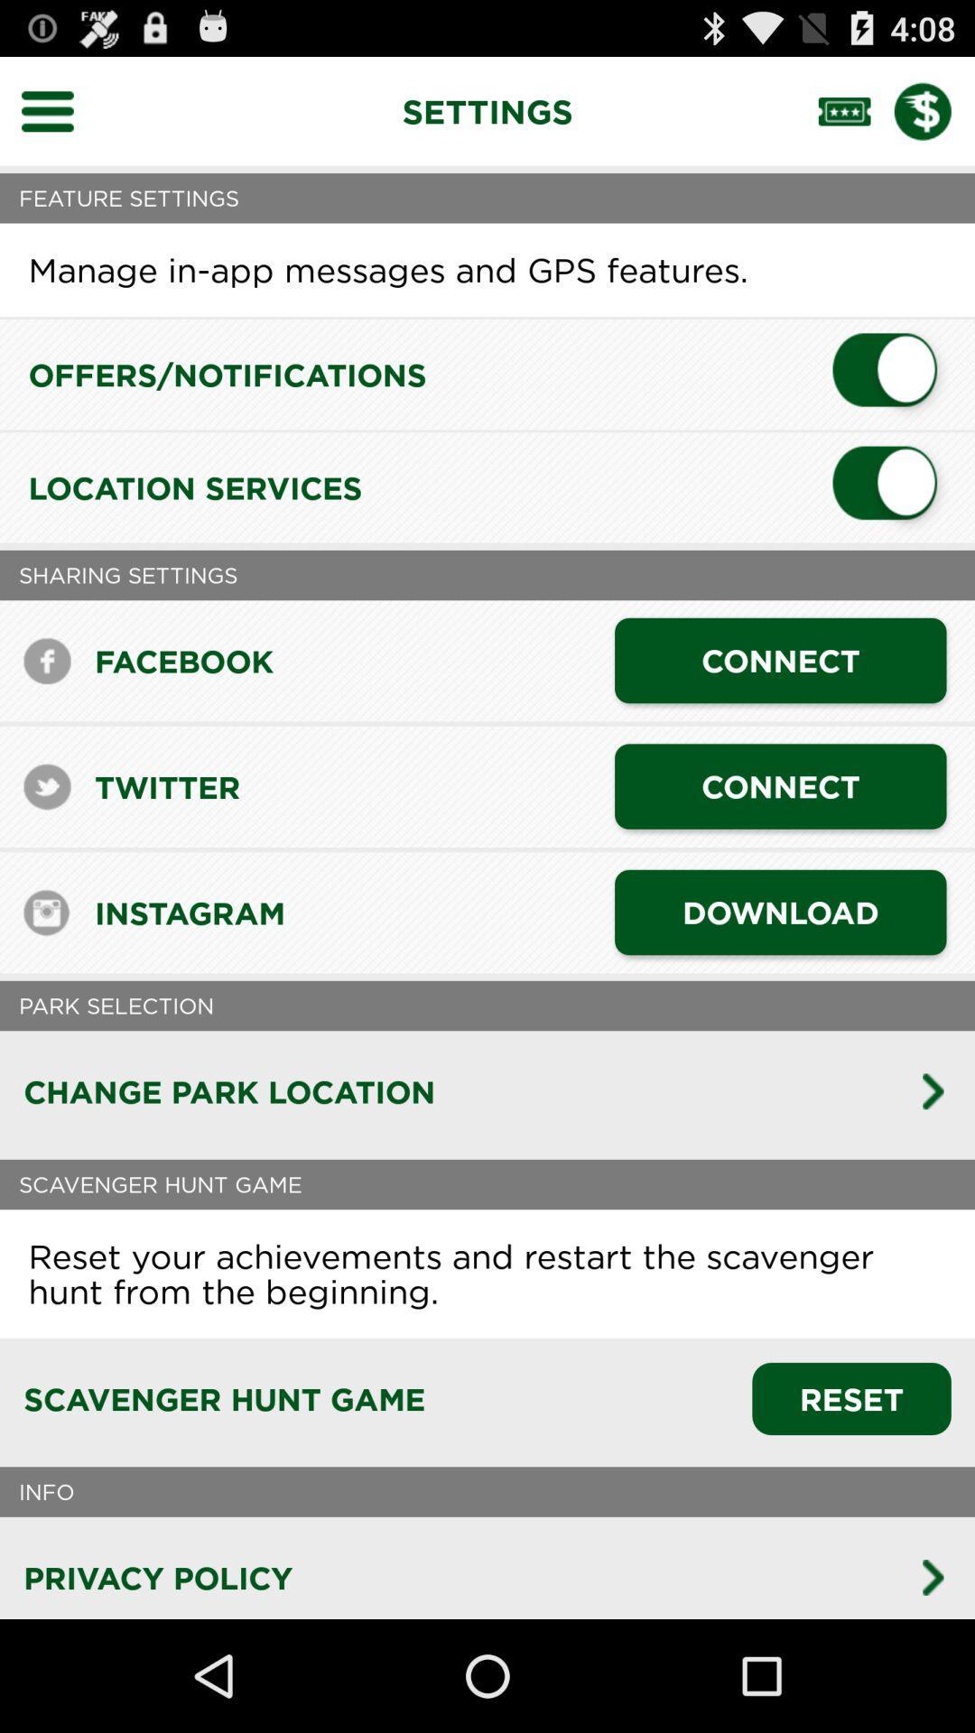 The image size is (975, 1733). Describe the element at coordinates (779, 786) in the screenshot. I see `connect present next to twitter` at that location.